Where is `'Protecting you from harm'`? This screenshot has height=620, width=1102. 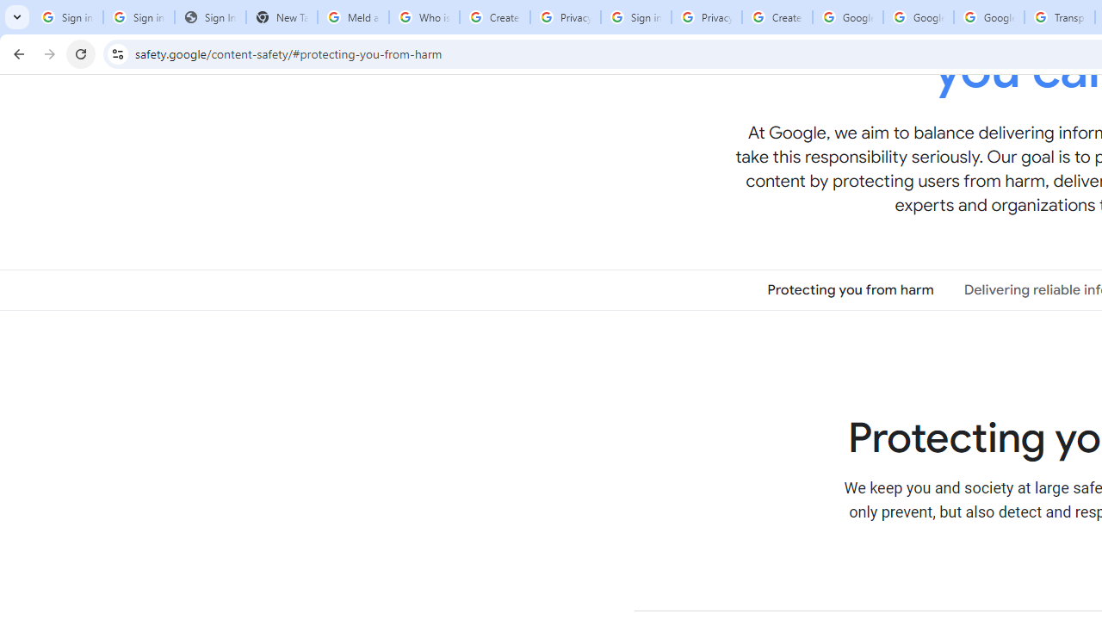
'Protecting you from harm' is located at coordinates (851, 288).